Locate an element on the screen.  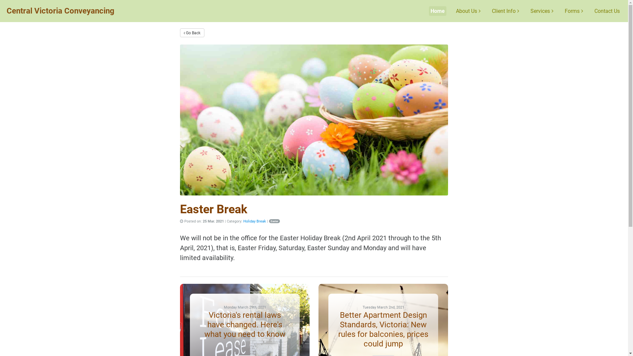
'Home' is located at coordinates (437, 11).